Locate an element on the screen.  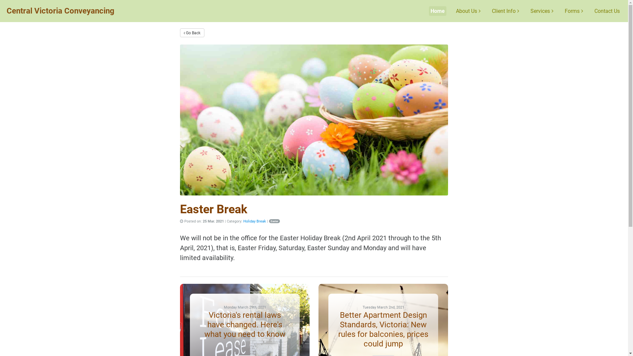
'Home' is located at coordinates (437, 11).